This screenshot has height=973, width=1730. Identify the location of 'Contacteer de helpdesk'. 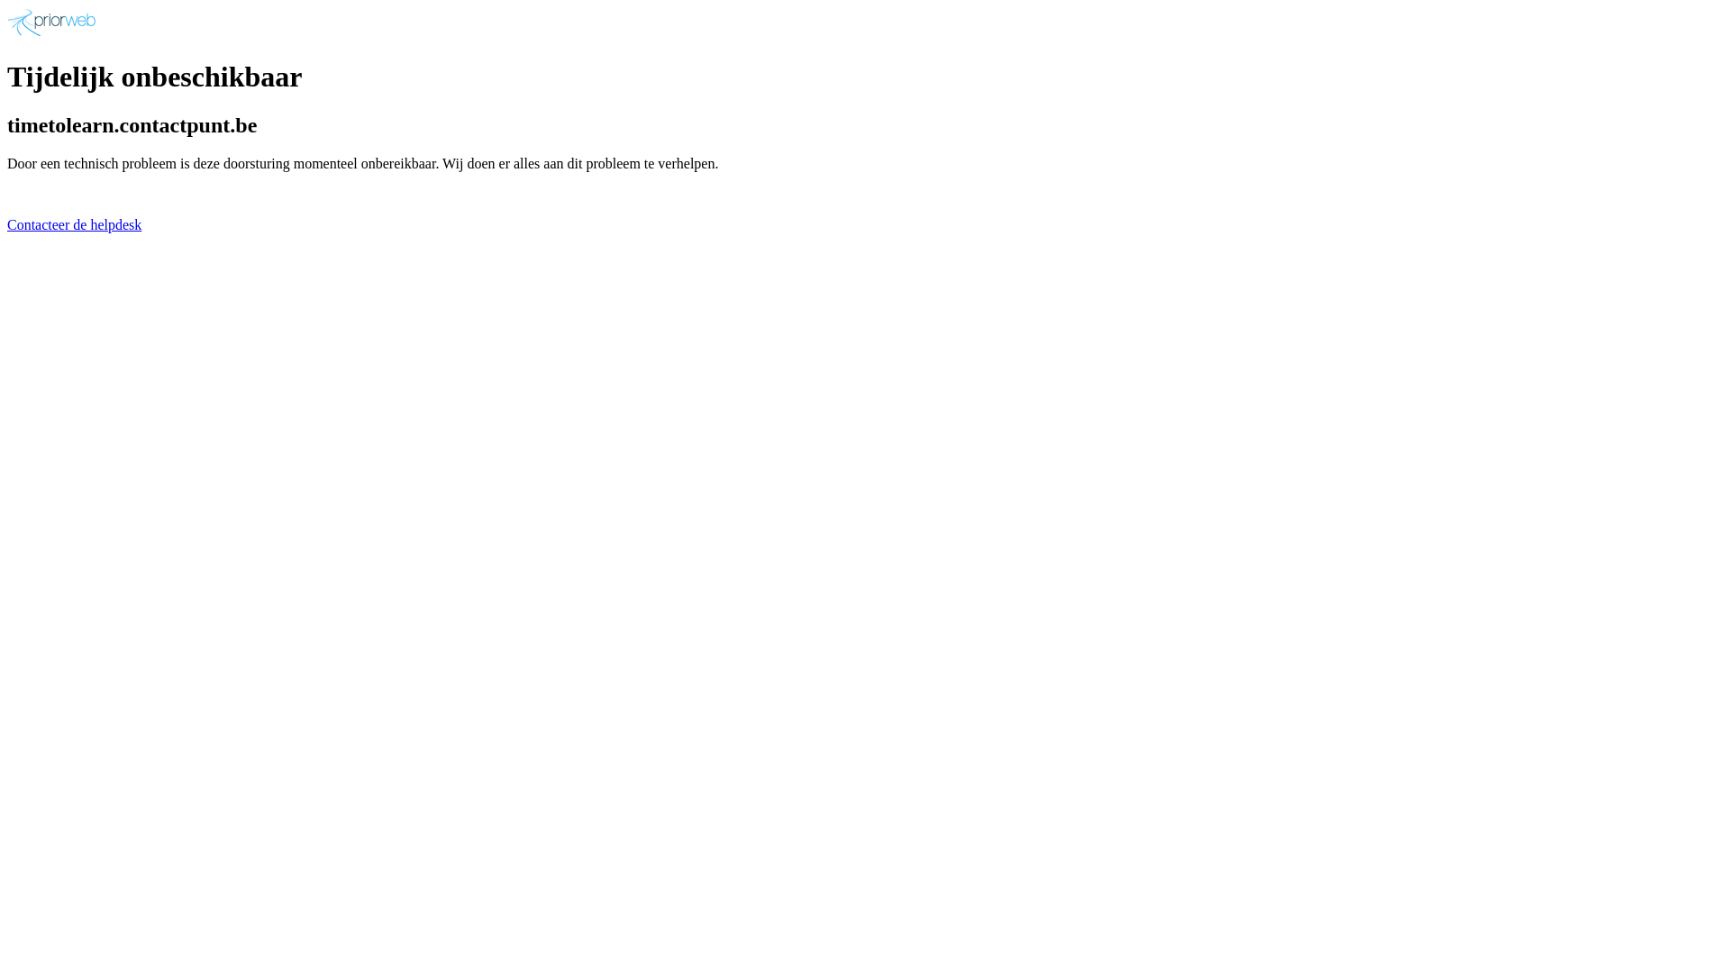
(73, 223).